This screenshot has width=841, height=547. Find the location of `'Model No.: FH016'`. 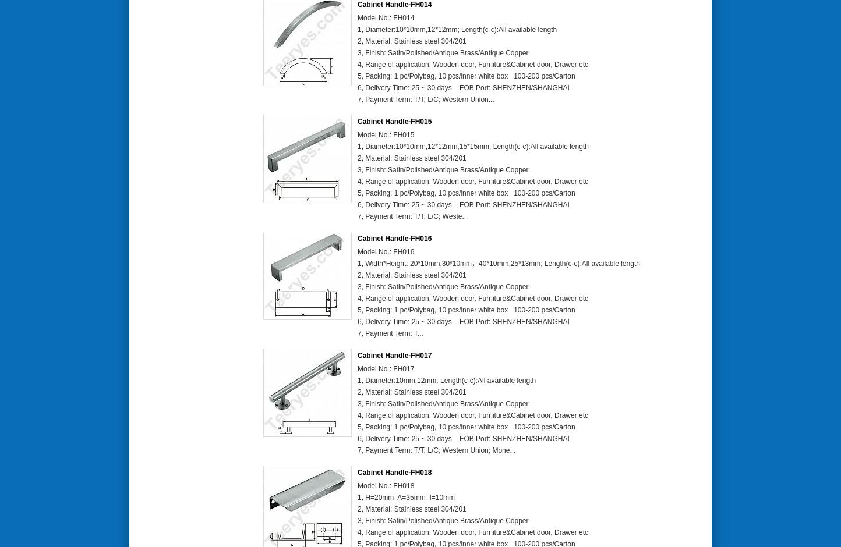

'Model No.: FH016' is located at coordinates (357, 251).